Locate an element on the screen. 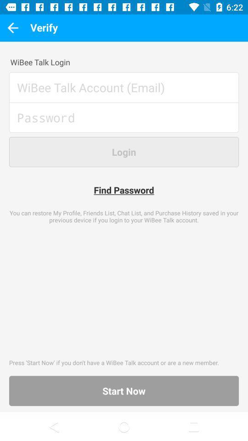 The image size is (248, 441). the button which is above find password is located at coordinates (124, 152).